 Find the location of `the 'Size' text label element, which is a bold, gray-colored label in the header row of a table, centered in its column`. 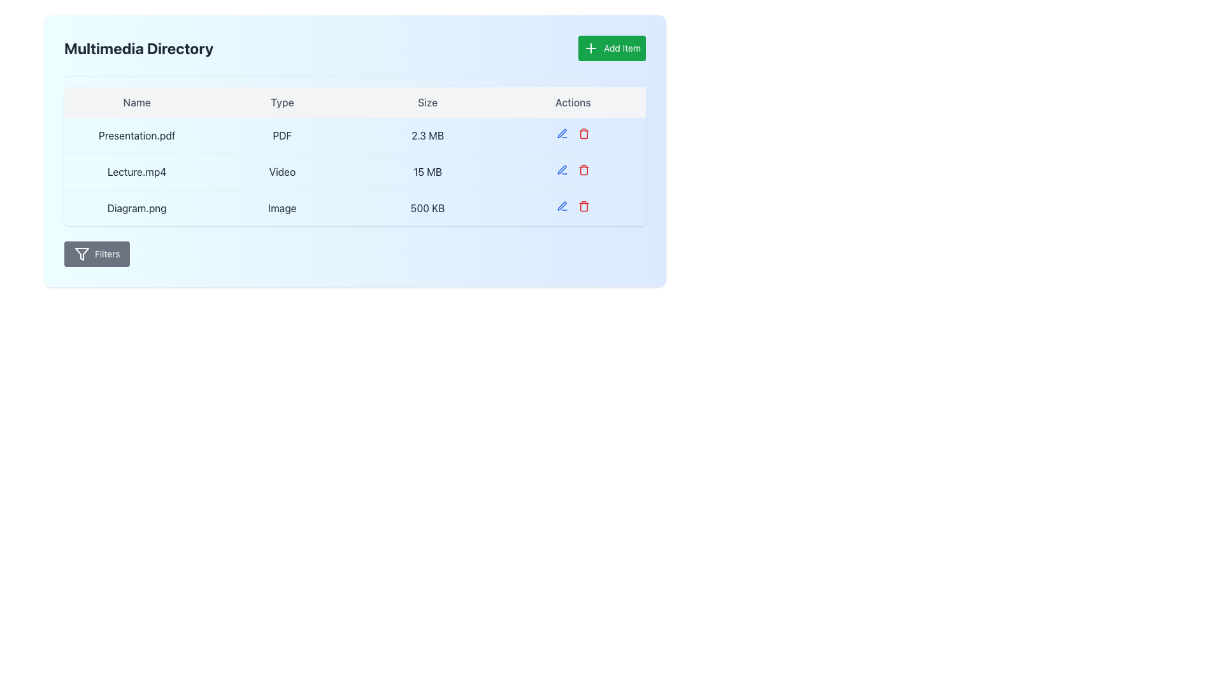

the 'Size' text label element, which is a bold, gray-colored label in the header row of a table, centered in its column is located at coordinates (427, 102).